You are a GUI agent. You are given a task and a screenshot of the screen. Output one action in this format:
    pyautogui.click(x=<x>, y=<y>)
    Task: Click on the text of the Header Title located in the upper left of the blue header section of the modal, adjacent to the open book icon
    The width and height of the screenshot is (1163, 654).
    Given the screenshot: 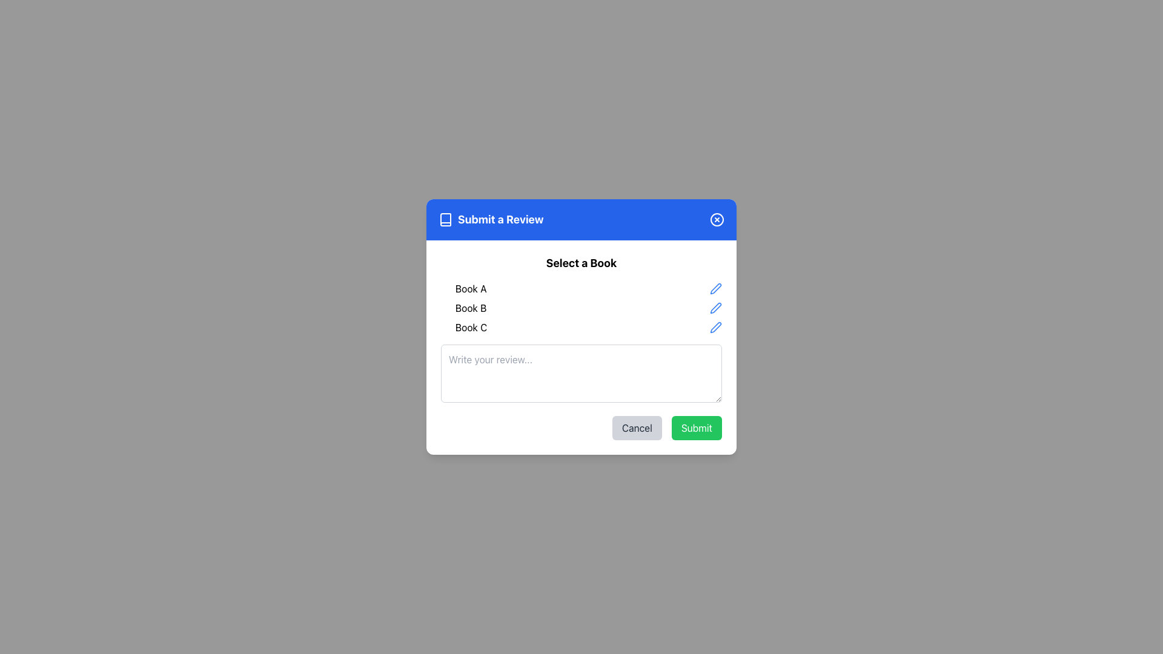 What is the action you would take?
    pyautogui.click(x=491, y=219)
    